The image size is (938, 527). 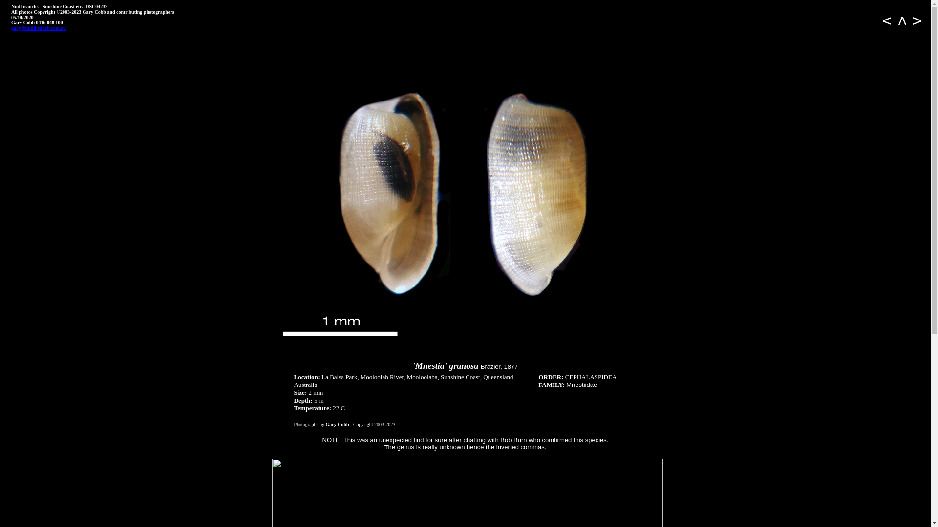 I want to click on 'gary@nudibranch.com.au', so click(x=38, y=27).